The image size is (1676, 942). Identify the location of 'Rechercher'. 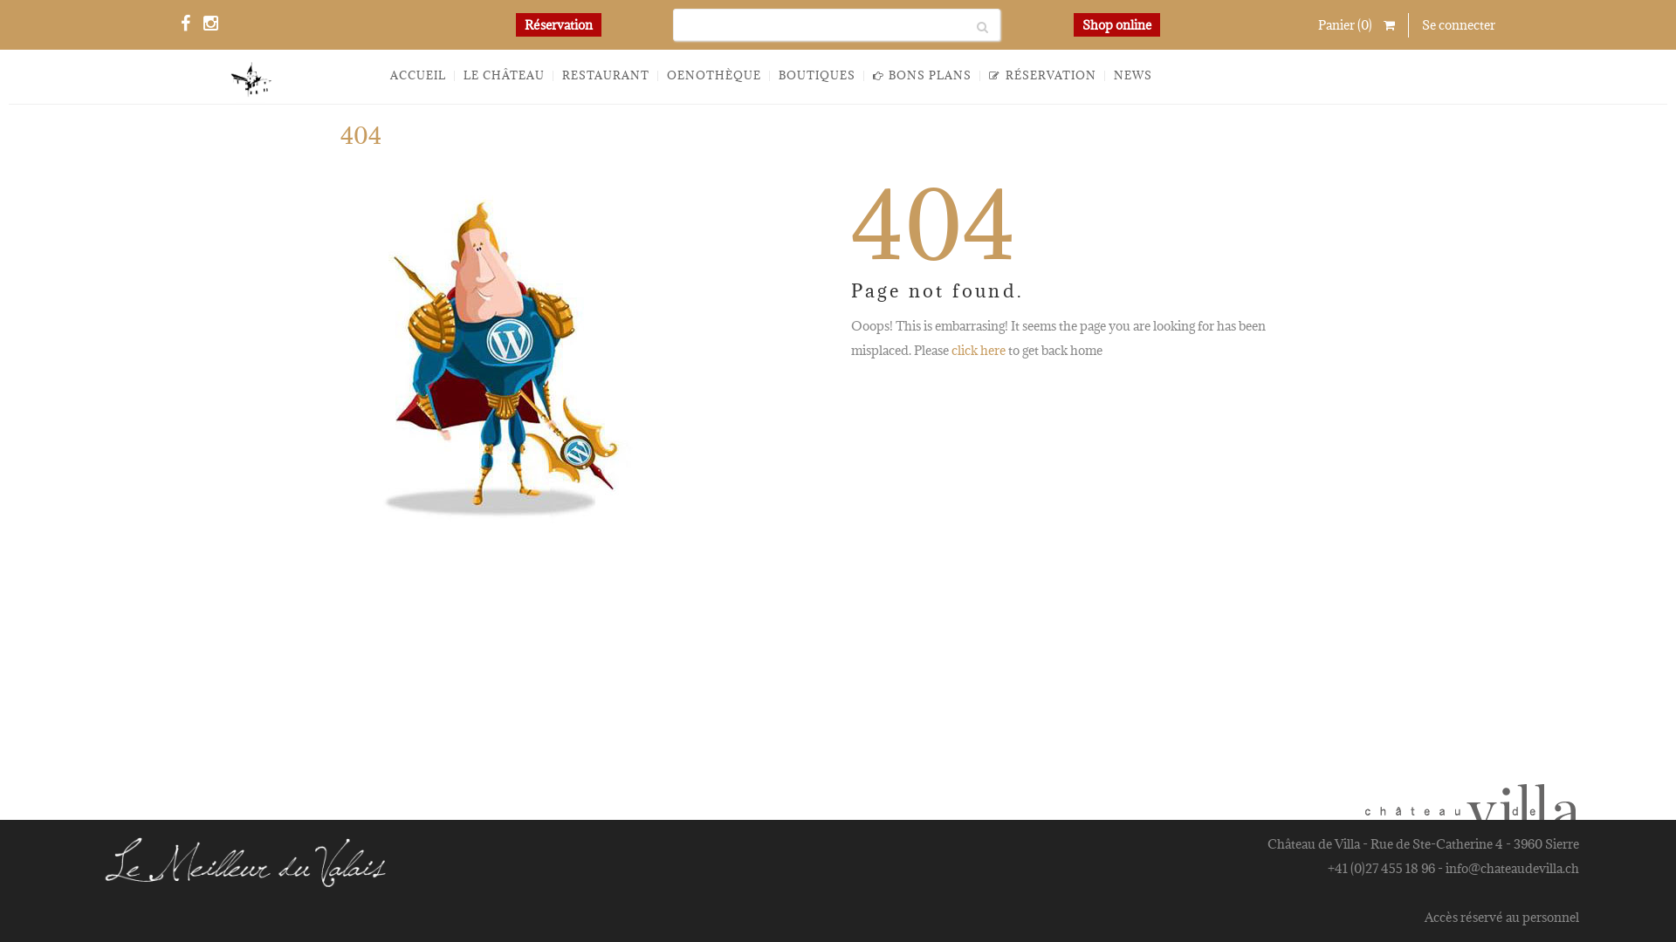
(966, 24).